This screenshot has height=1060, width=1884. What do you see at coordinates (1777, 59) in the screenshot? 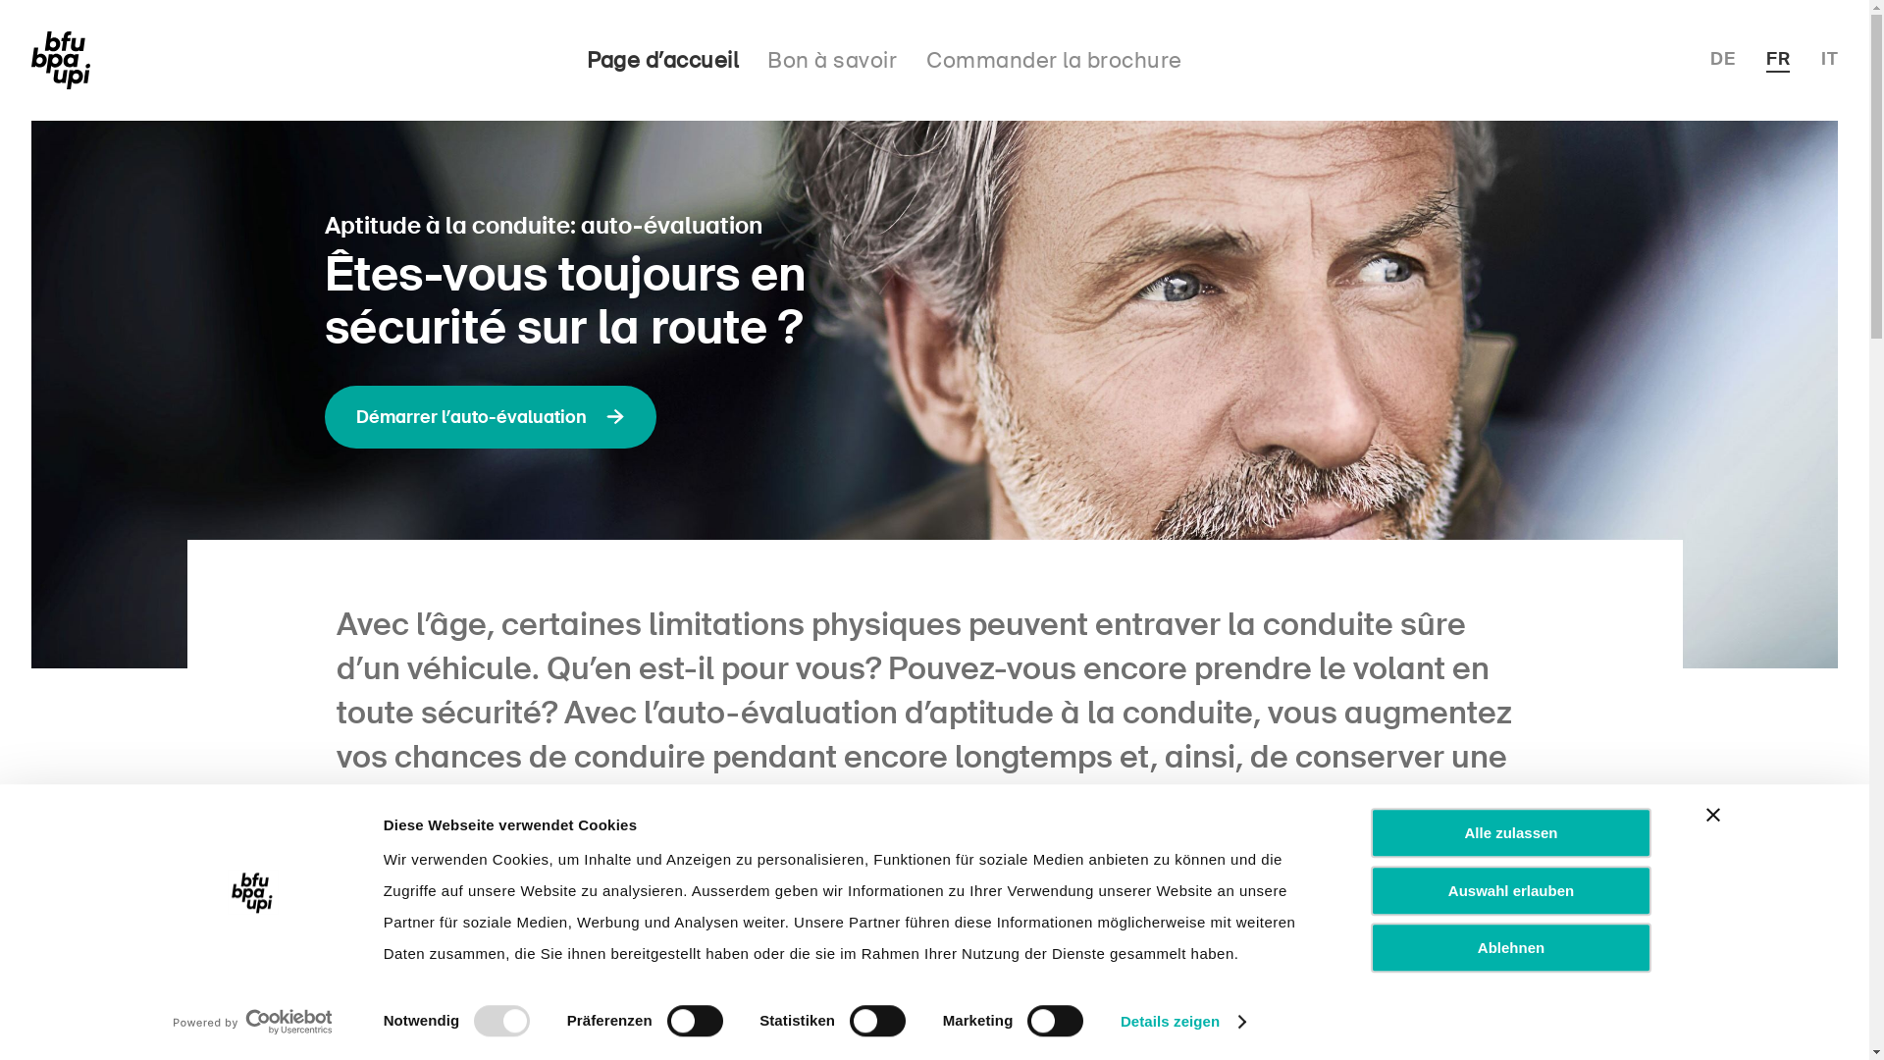
I see `'FR'` at bounding box center [1777, 59].